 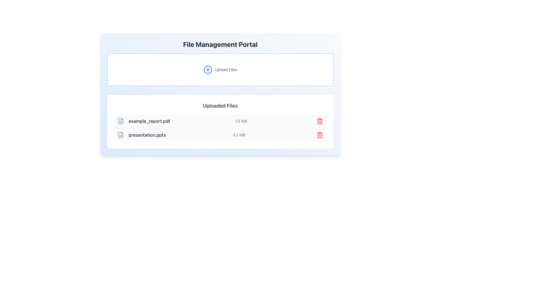 What do you see at coordinates (149, 121) in the screenshot?
I see `the text label representing the filename in the 'Uploaded Files' section, which is the first filename listed` at bounding box center [149, 121].